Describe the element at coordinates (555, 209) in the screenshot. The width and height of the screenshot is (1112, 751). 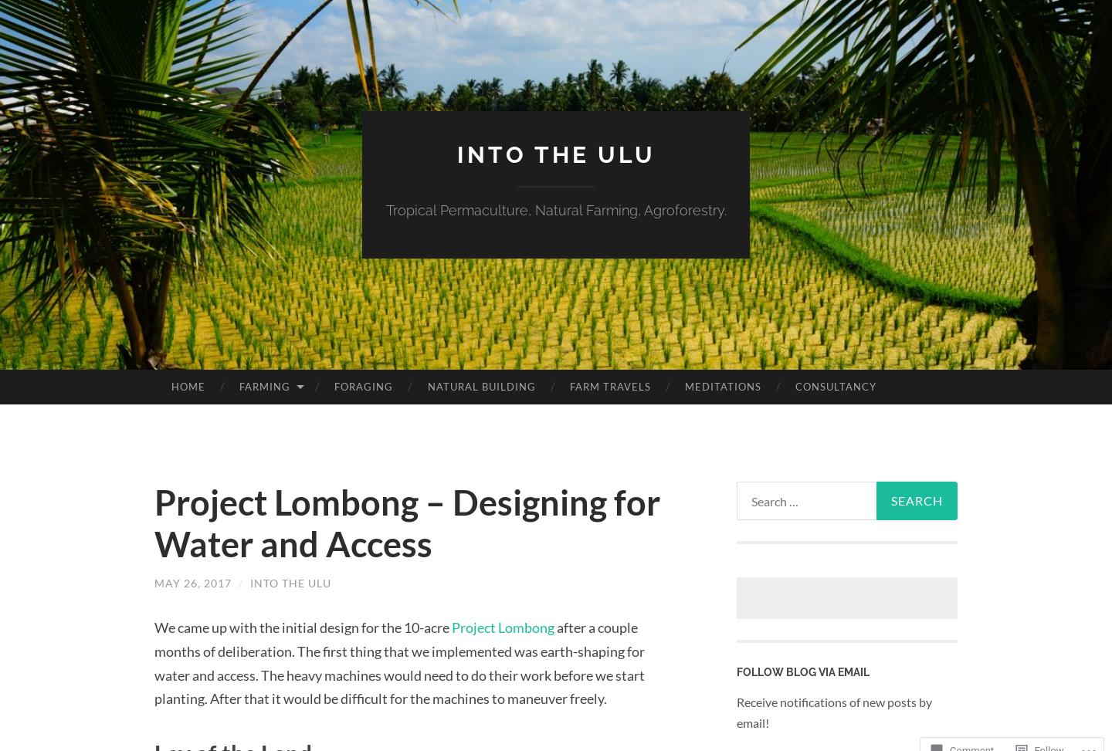
I see `'Tropical Permaculture, Natural Farming, Agroforestry.'` at that location.